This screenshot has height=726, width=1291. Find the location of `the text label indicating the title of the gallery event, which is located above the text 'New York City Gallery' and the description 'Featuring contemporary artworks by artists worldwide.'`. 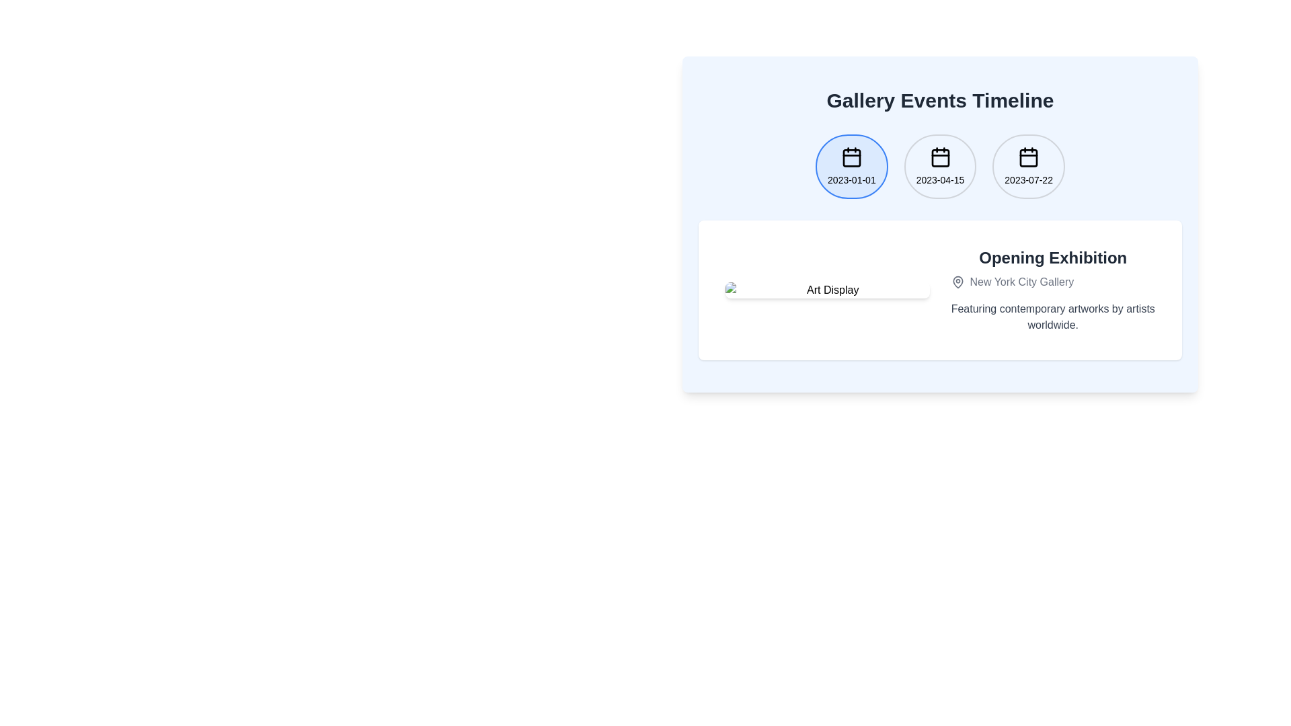

the text label indicating the title of the gallery event, which is located above the text 'New York City Gallery' and the description 'Featuring contemporary artworks by artists worldwide.' is located at coordinates (1052, 258).